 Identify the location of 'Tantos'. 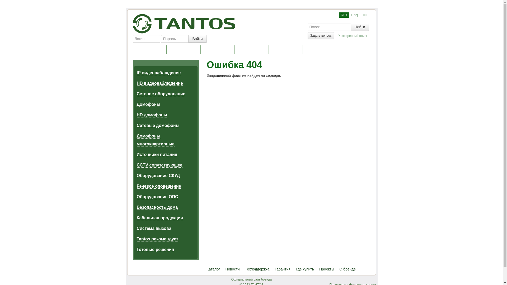
(184, 23).